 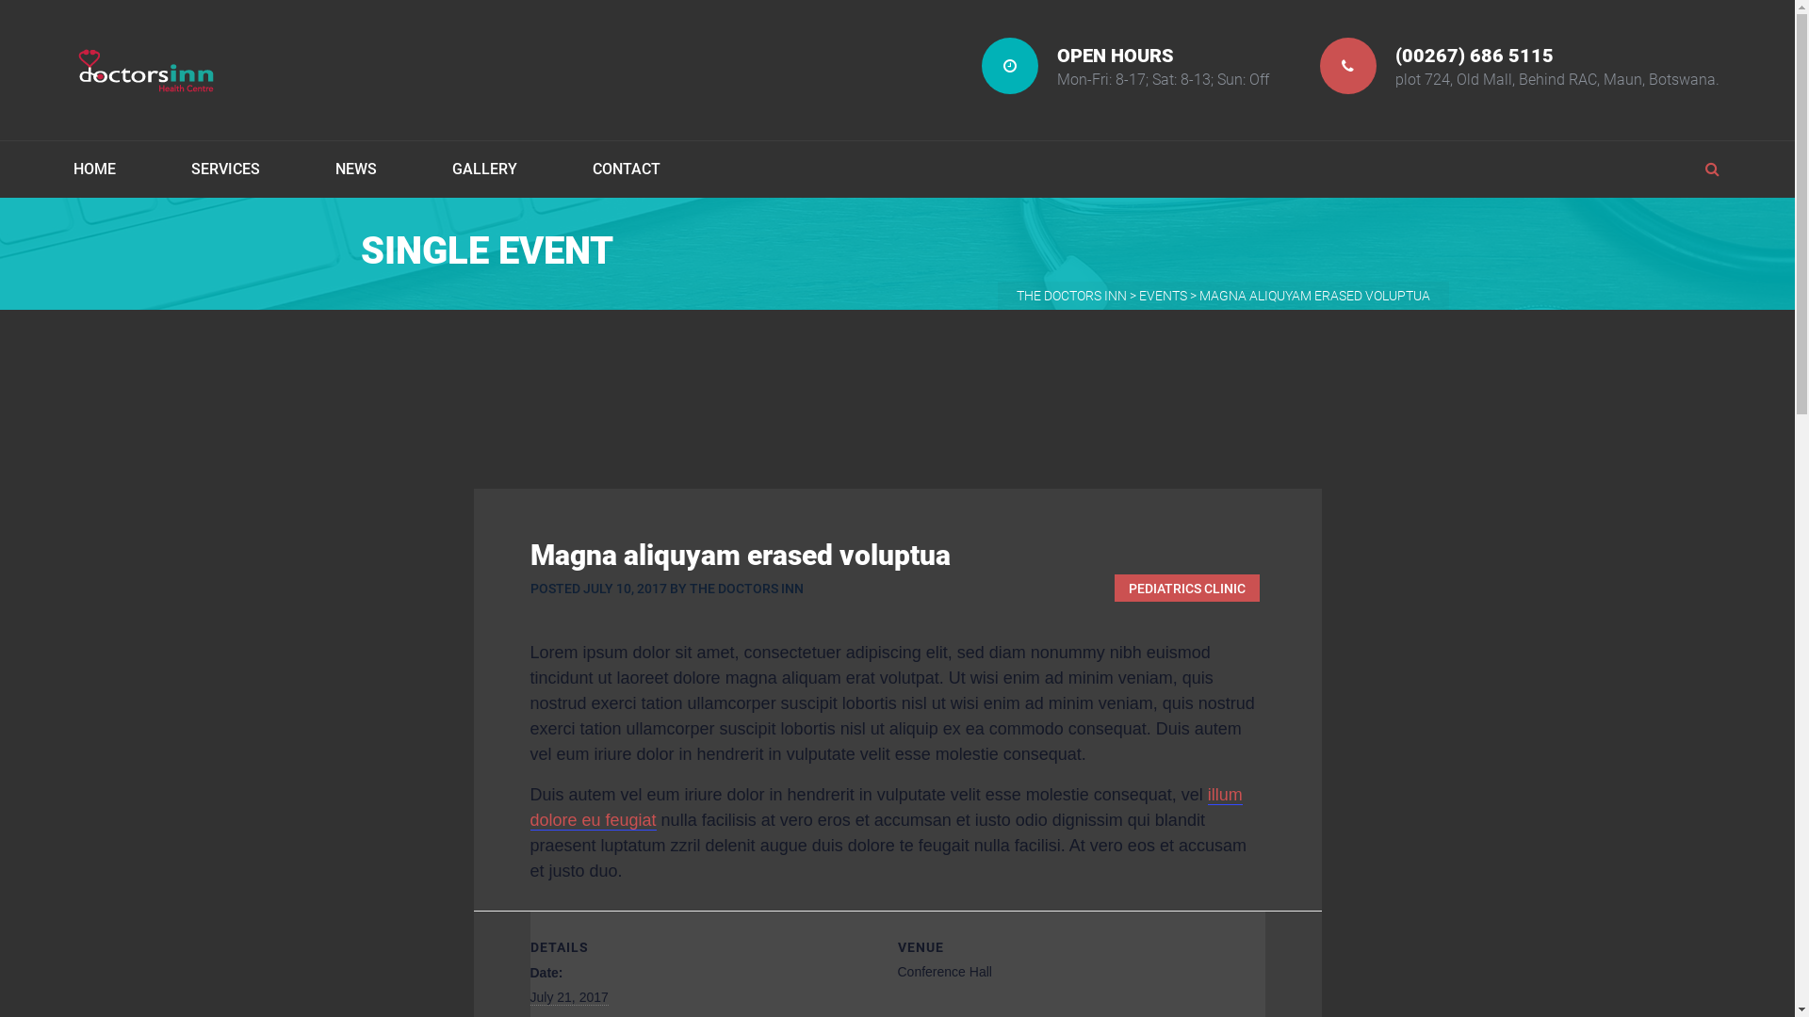 What do you see at coordinates (356, 169) in the screenshot?
I see `'NEWS'` at bounding box center [356, 169].